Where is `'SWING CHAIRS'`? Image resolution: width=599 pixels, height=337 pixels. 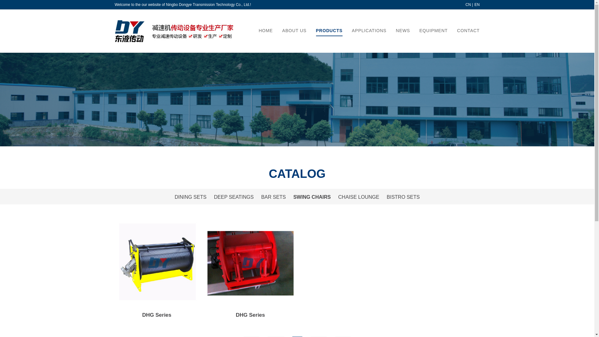 'SWING CHAIRS' is located at coordinates (312, 197).